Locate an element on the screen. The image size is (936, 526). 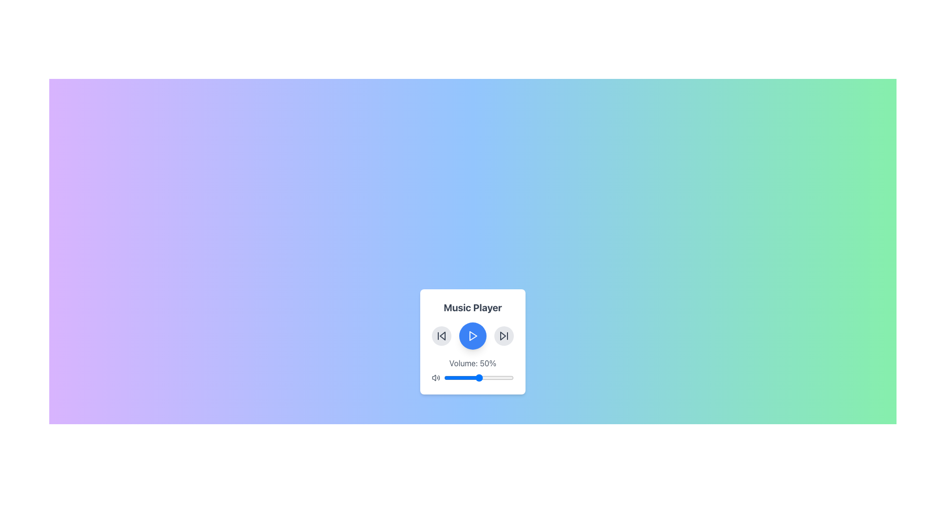
volume level is located at coordinates (482, 377).